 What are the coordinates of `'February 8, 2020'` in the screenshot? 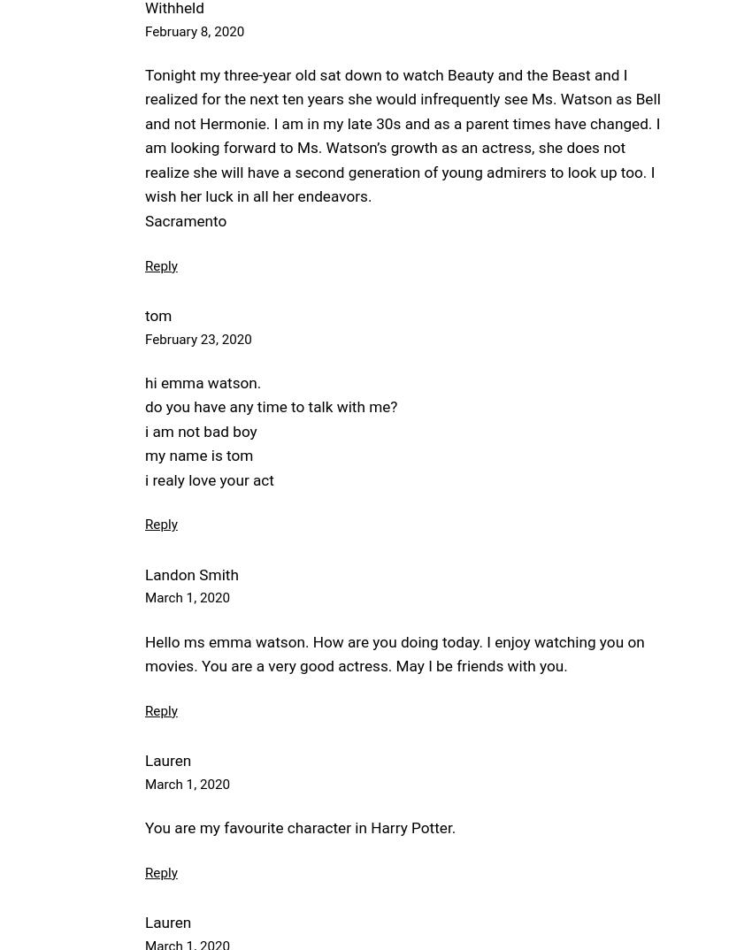 It's located at (194, 30).